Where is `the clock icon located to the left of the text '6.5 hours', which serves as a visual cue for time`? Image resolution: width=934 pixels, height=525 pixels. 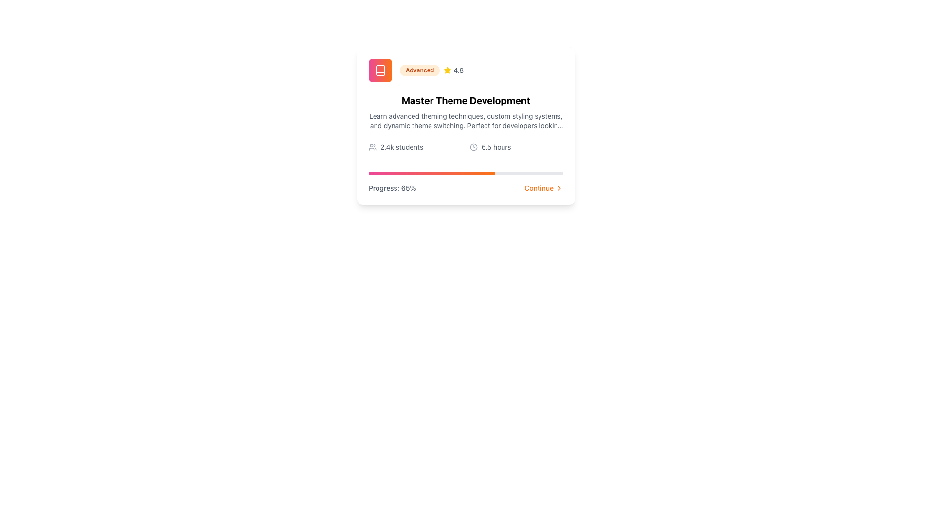 the clock icon located to the left of the text '6.5 hours', which serves as a visual cue for time is located at coordinates (474, 147).